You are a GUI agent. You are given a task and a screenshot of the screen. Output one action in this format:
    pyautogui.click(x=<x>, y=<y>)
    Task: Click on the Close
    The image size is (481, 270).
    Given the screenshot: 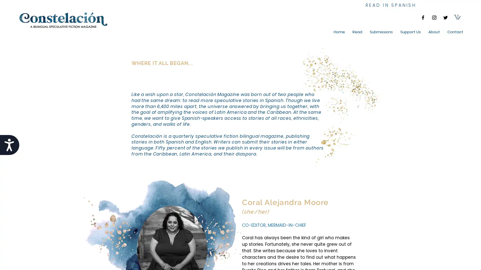 What is the action you would take?
    pyautogui.click(x=475, y=261)
    